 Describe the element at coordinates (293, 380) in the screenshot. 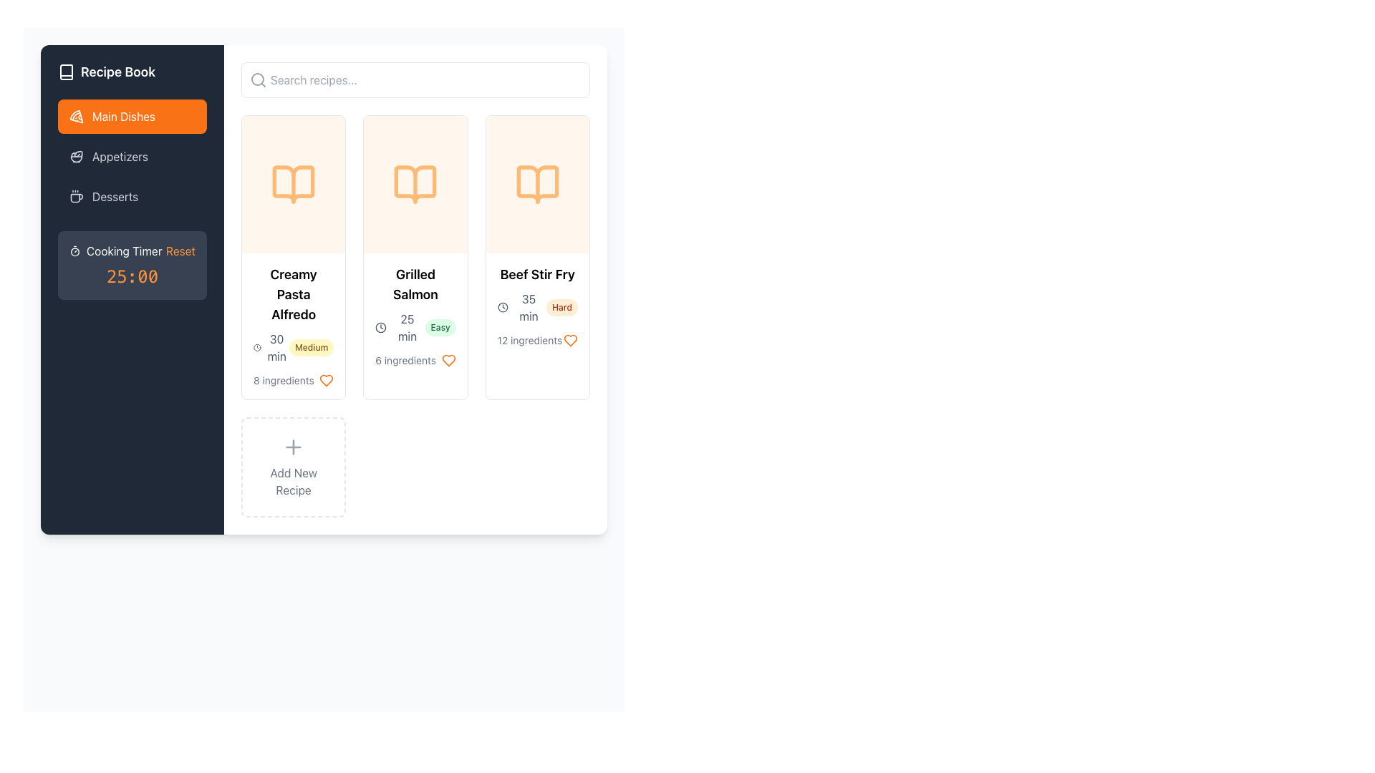

I see `the '8 ingredients' text label in gray font located at the bottom of the recipe card for 'Creamy Pasta Alfredo'` at that location.